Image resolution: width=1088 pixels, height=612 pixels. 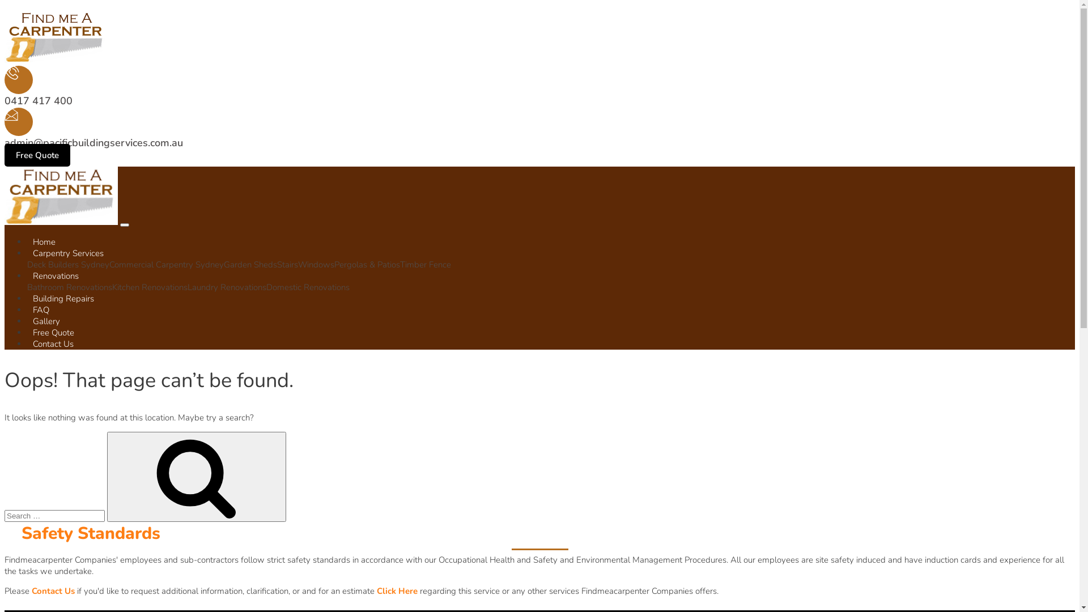 I want to click on 'Pergolas & Patios', so click(x=367, y=264).